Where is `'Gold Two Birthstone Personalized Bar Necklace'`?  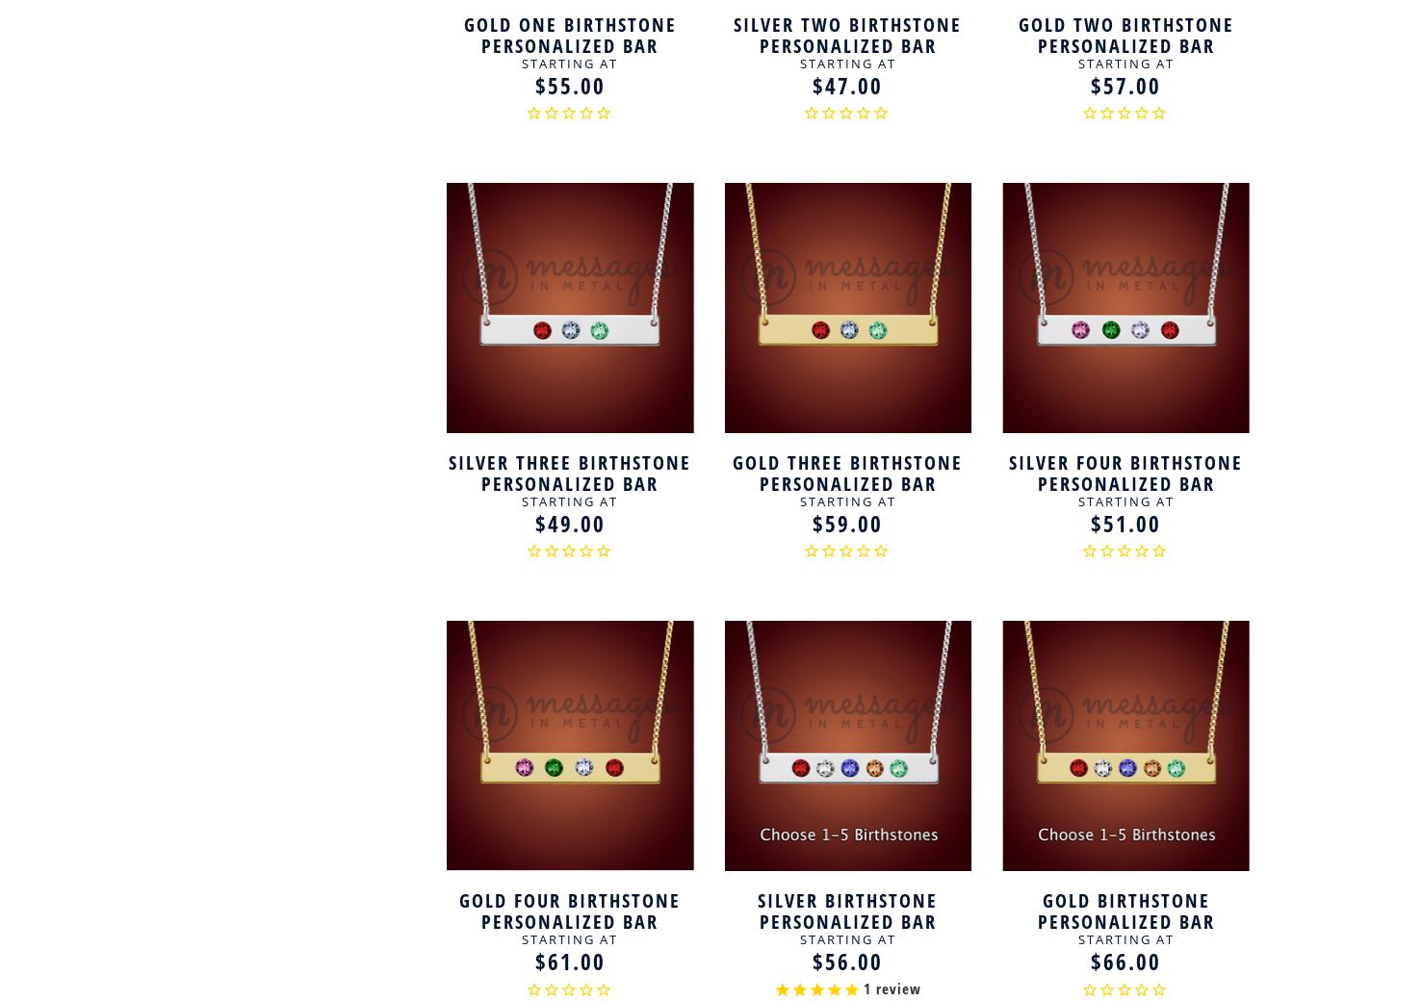 'Gold Two Birthstone Personalized Bar Necklace' is located at coordinates (1017, 44).